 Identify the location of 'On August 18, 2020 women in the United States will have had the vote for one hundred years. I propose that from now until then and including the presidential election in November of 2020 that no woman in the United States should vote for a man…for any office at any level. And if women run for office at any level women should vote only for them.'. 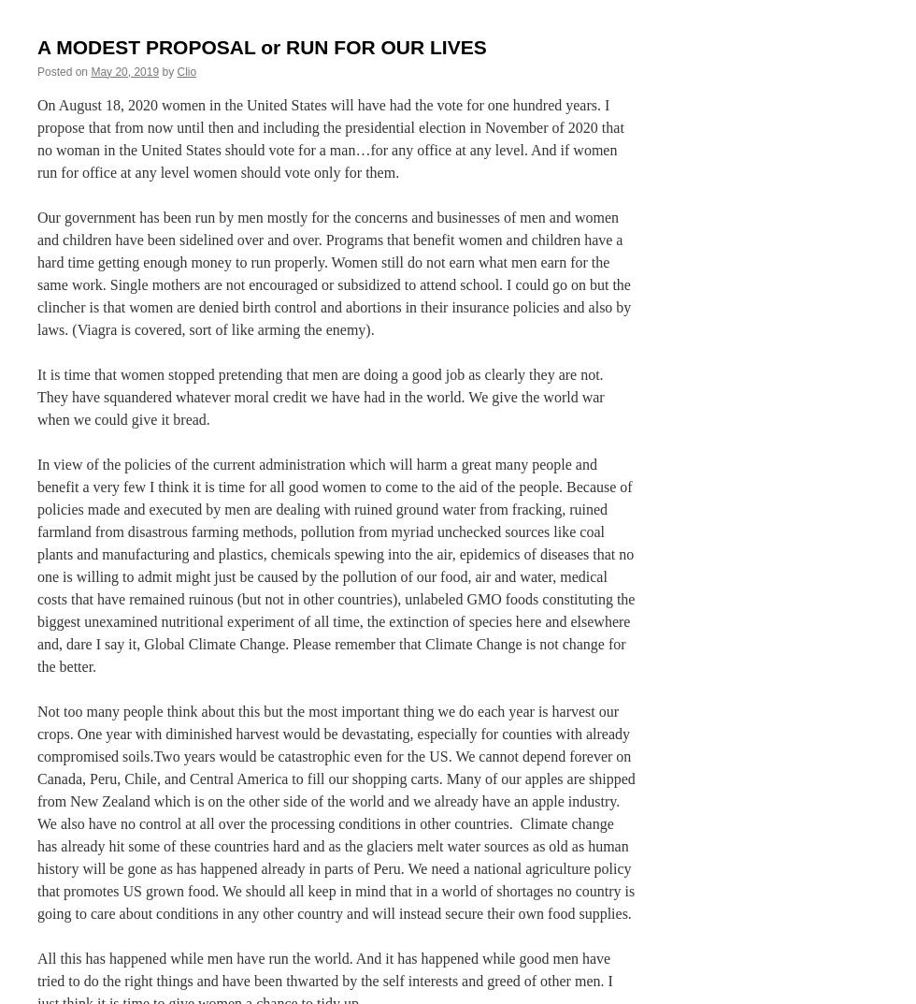
(330, 137).